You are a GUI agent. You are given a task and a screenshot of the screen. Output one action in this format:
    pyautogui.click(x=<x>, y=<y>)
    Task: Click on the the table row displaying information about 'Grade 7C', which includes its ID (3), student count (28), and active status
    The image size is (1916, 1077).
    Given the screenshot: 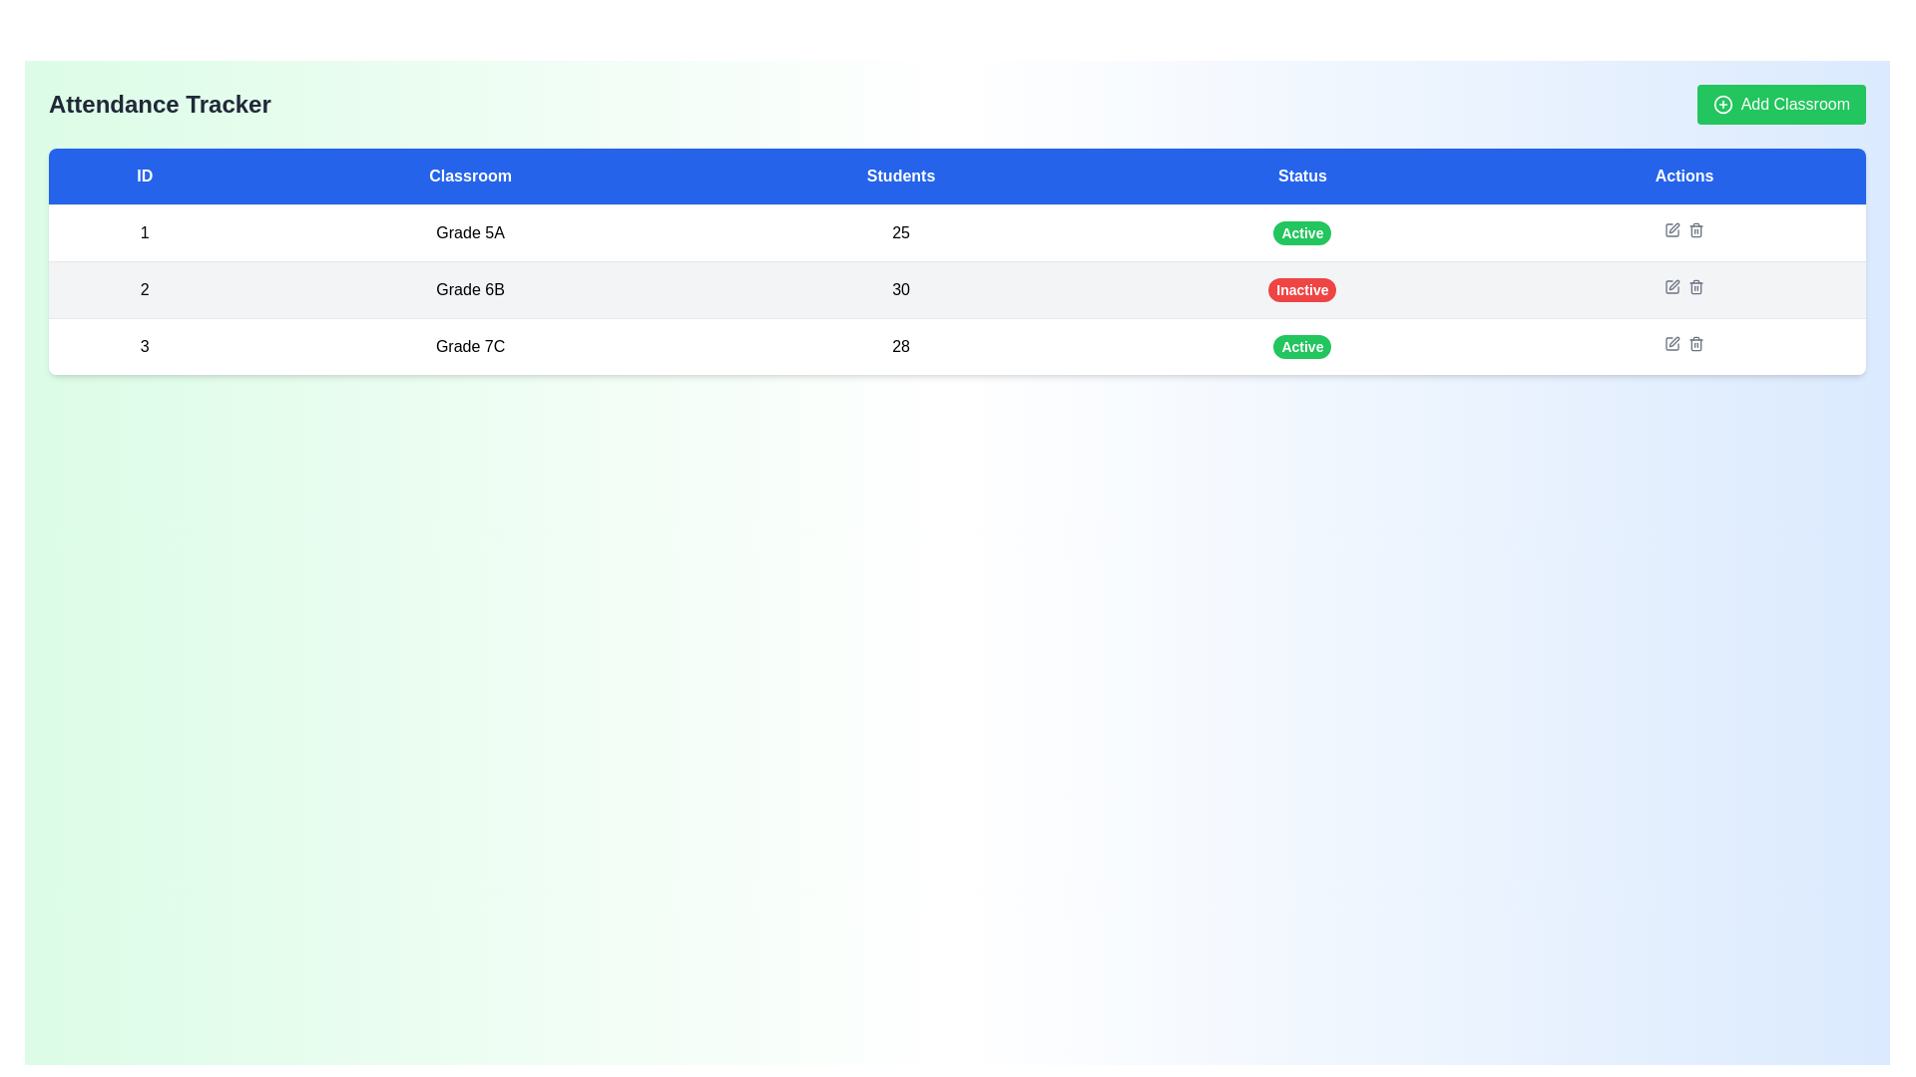 What is the action you would take?
    pyautogui.click(x=956, y=345)
    